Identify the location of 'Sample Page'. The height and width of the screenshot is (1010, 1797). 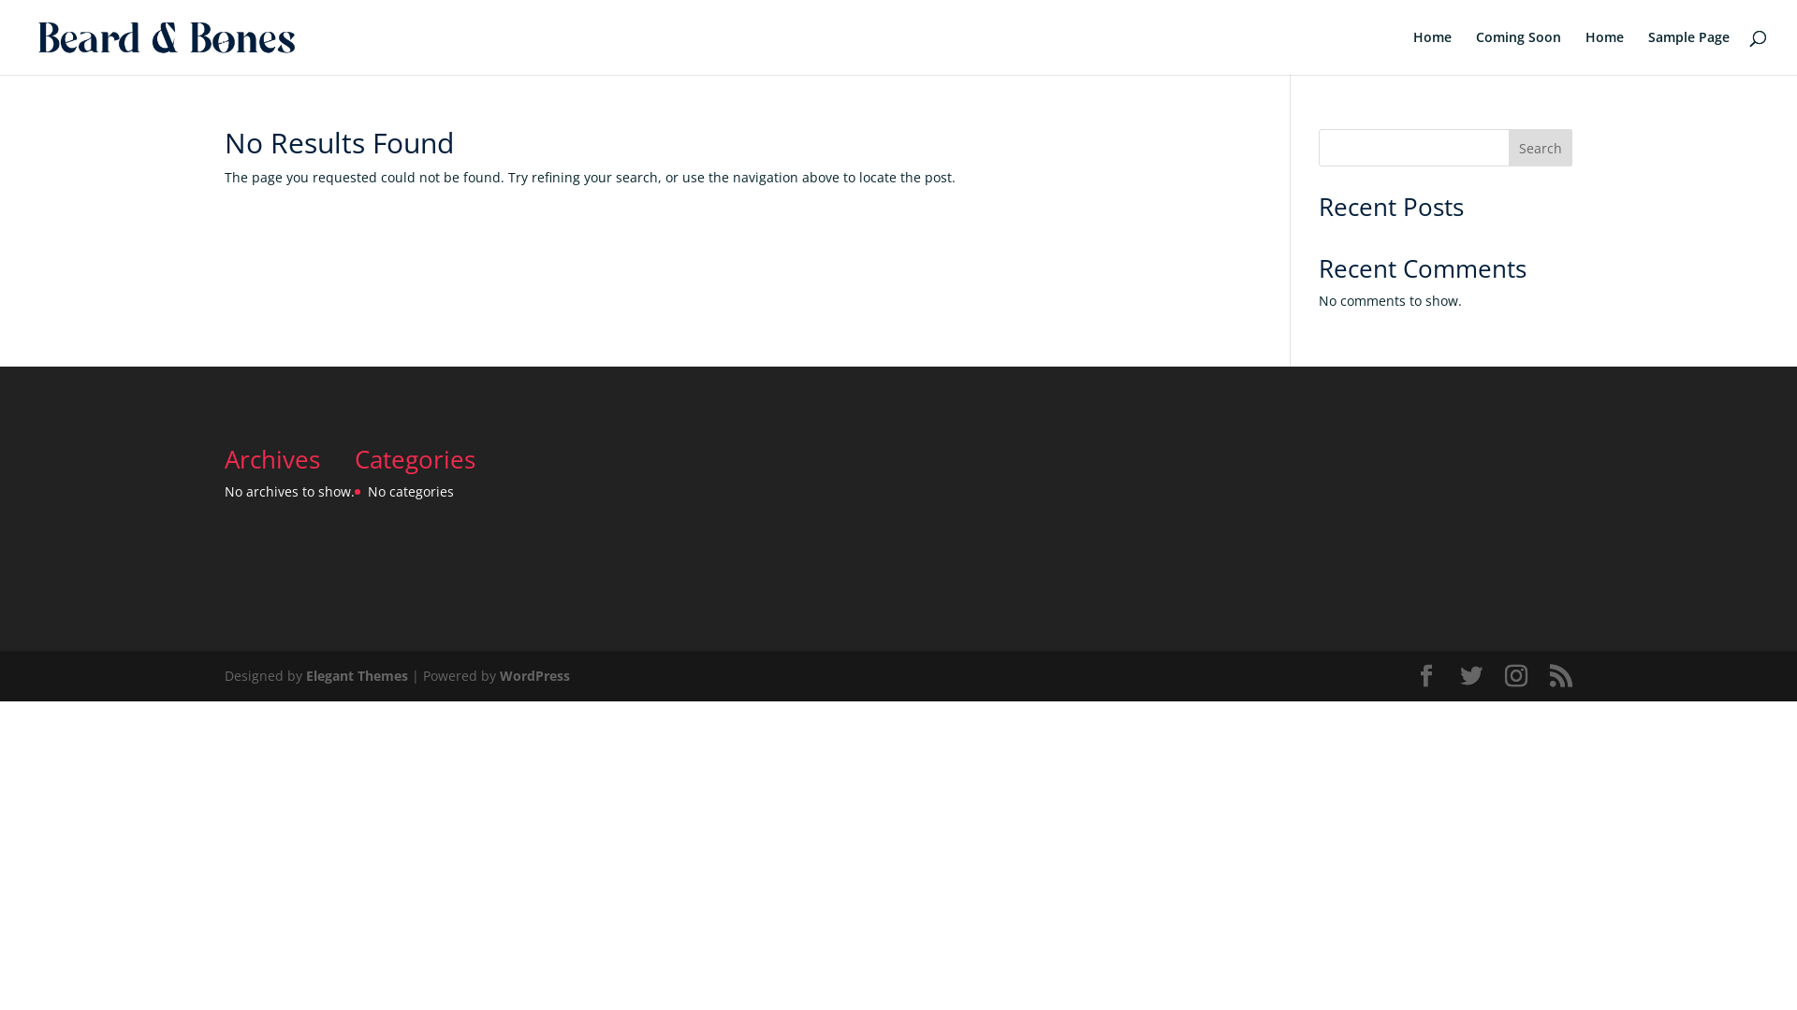
(1688, 51).